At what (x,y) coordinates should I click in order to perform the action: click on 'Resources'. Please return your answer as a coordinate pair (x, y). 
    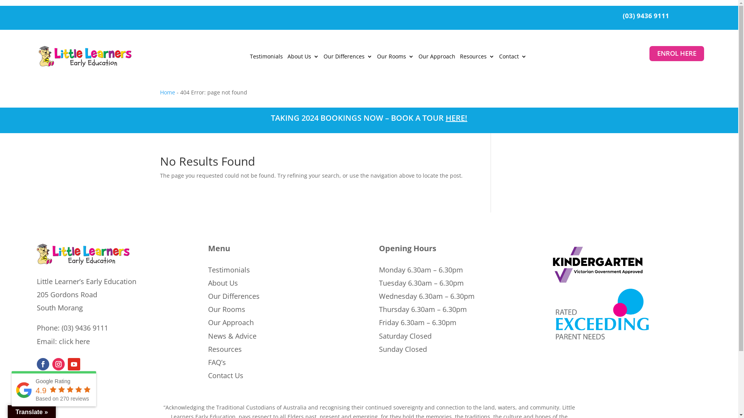
    Looking at the image, I should click on (208, 349).